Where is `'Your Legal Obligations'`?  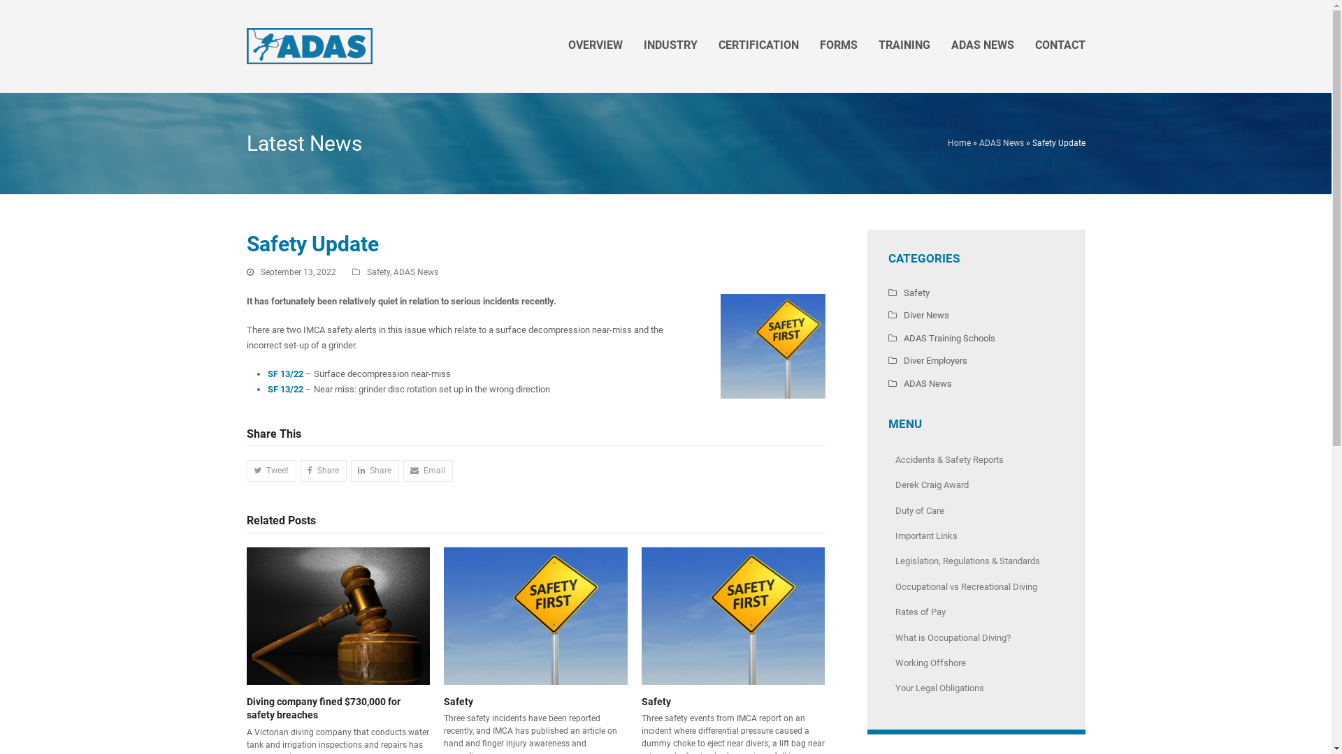
'Your Legal Obligations' is located at coordinates (975, 688).